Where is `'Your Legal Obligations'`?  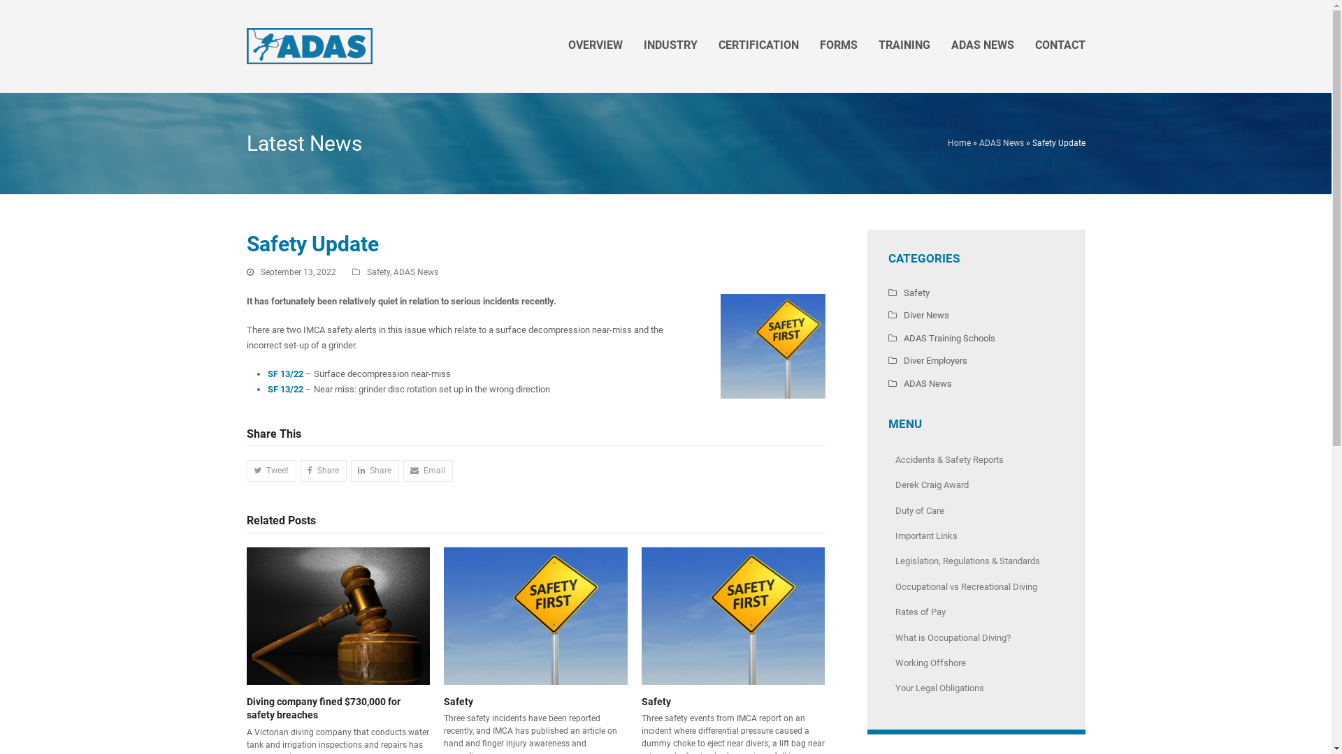
'Your Legal Obligations' is located at coordinates (975, 688).